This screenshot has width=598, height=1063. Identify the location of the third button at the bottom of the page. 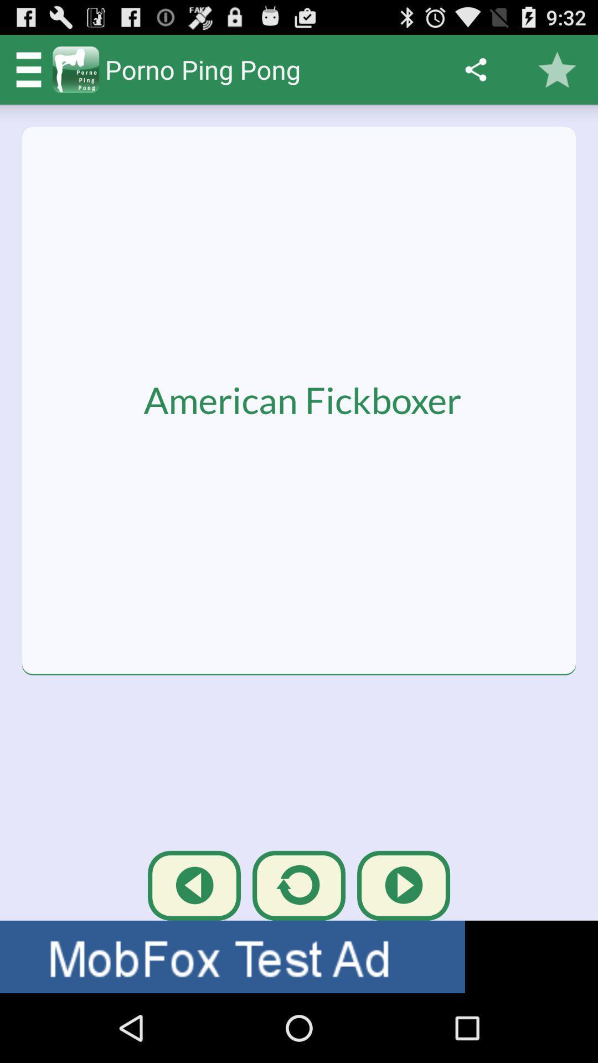
(404, 885).